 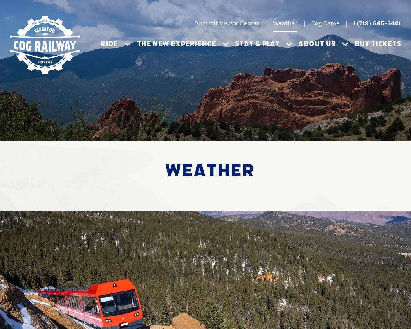 I want to click on 'Cog Cams', so click(x=325, y=23).